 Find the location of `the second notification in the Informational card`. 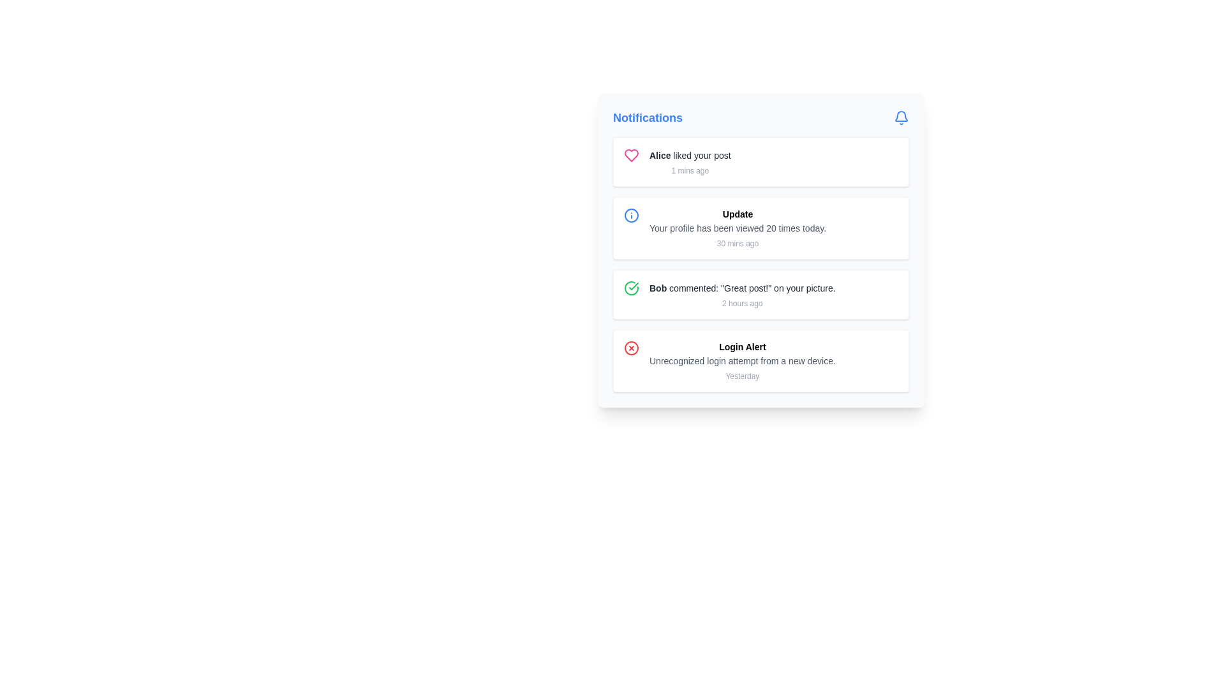

the second notification in the Informational card is located at coordinates (761, 251).